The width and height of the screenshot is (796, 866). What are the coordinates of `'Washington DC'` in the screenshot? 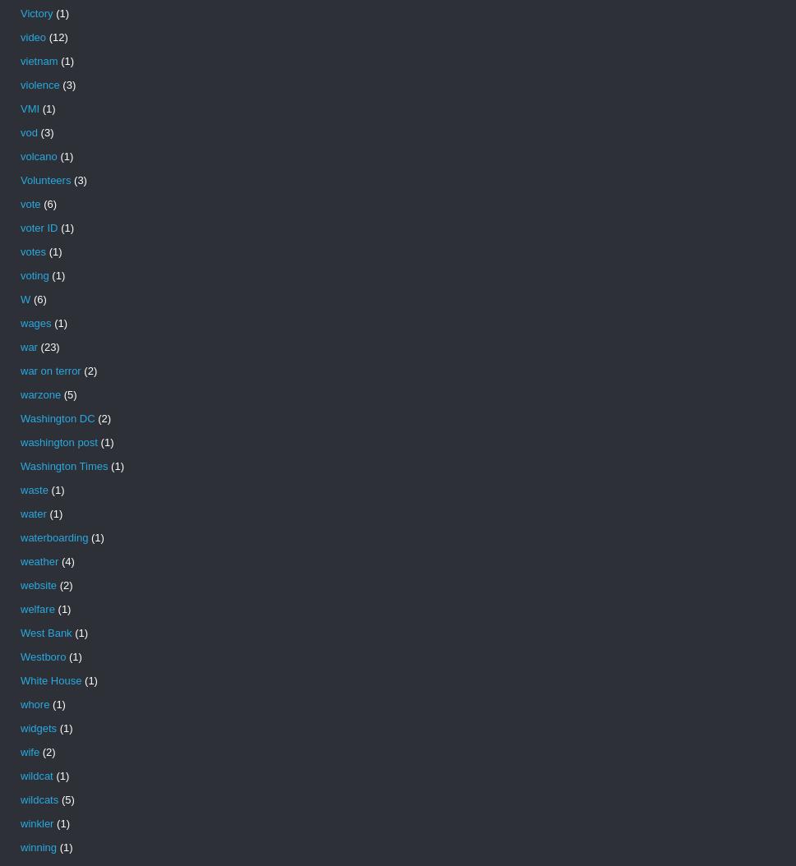 It's located at (56, 417).